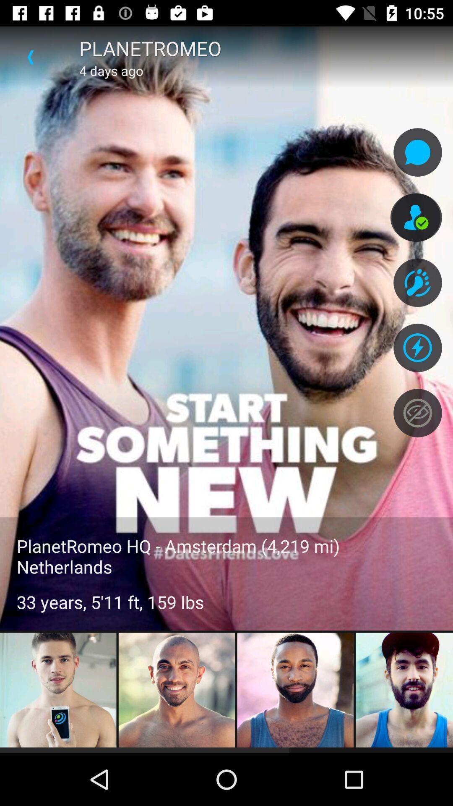 The height and width of the screenshot is (806, 453). Describe the element at coordinates (30, 57) in the screenshot. I see `item next to the planetromeo item` at that location.